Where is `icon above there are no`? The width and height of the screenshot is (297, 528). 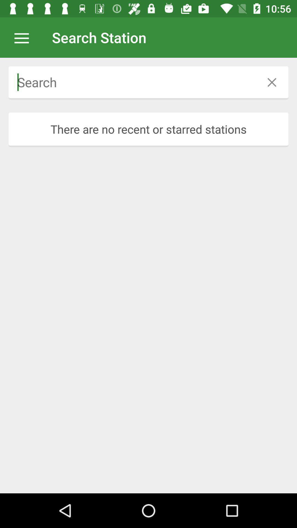 icon above there are no is located at coordinates (148, 80).